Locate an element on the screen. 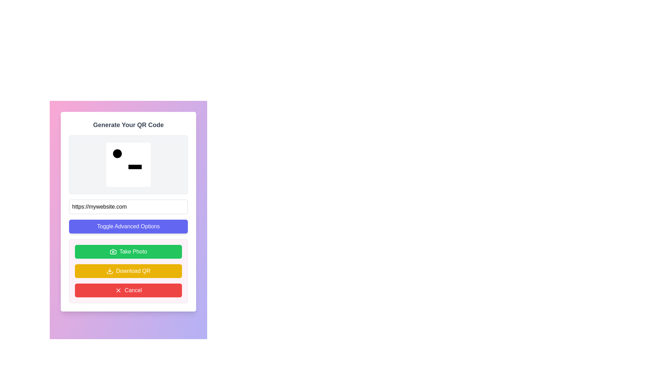  the yellow 'Download QR' button, which is styled with white text and rounded corners, located between the green 'Take Photo' button and the red 'Cancel' button is located at coordinates (128, 271).